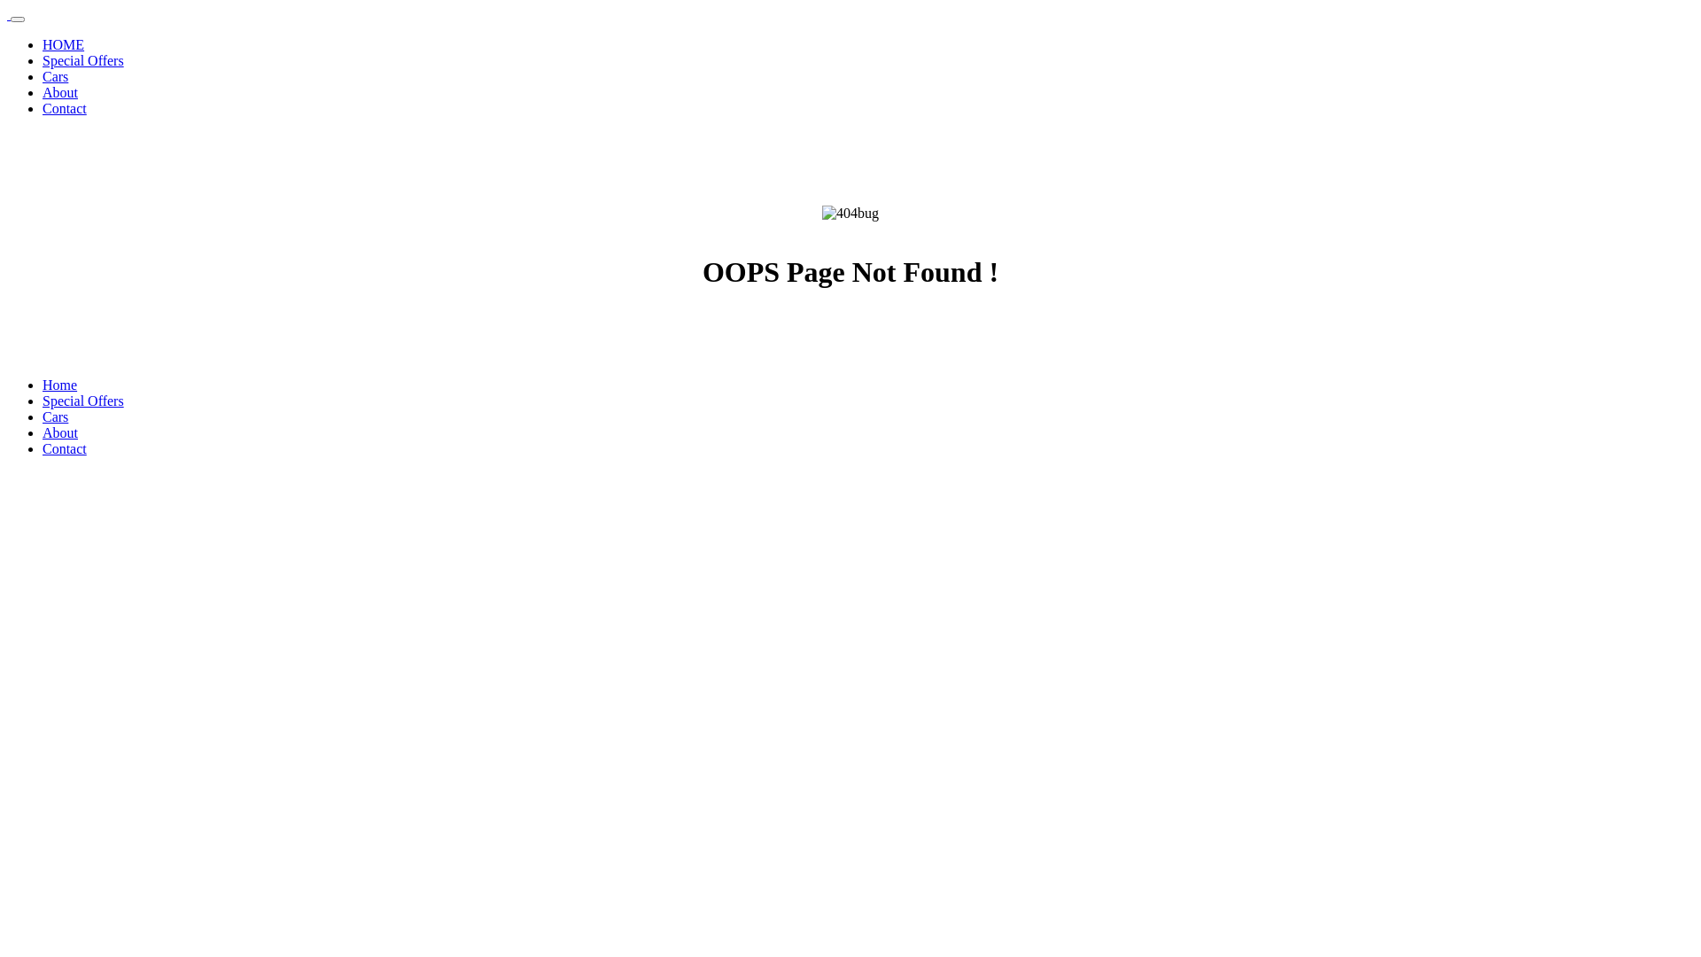  What do you see at coordinates (43, 432) in the screenshot?
I see `'About'` at bounding box center [43, 432].